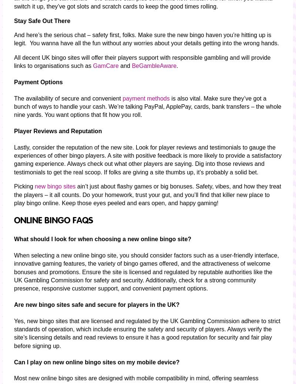 The width and height of the screenshot is (296, 384). I want to click on 'payment methods', so click(122, 98).